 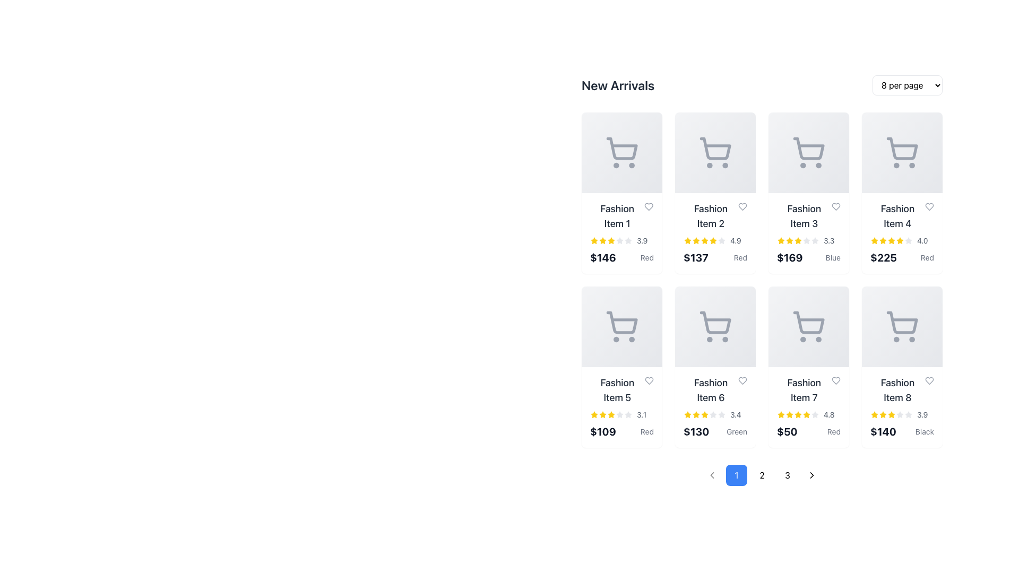 What do you see at coordinates (705, 414) in the screenshot?
I see `the fourth yellow-filled star in the multi-star rating component displayed below 'Fashion Item 6'` at bounding box center [705, 414].